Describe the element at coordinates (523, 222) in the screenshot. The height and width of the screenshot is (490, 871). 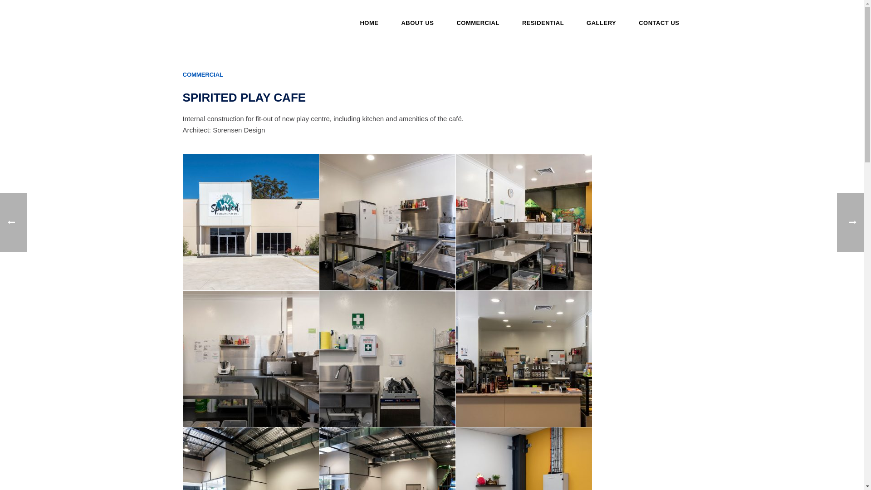
I see `'016-jt-20181120-0440-modifier-modifier'` at that location.